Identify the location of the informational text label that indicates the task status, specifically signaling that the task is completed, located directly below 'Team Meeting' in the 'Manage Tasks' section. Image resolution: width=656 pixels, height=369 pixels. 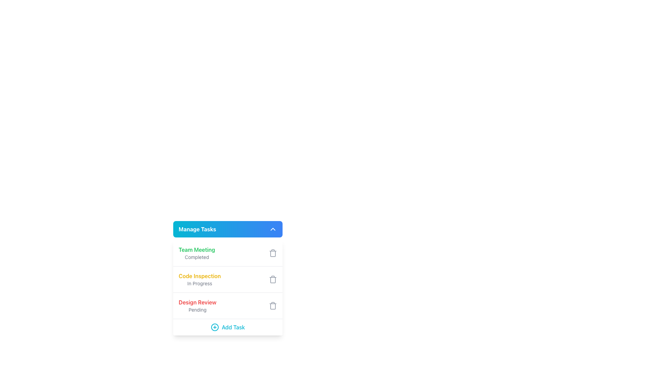
(196, 257).